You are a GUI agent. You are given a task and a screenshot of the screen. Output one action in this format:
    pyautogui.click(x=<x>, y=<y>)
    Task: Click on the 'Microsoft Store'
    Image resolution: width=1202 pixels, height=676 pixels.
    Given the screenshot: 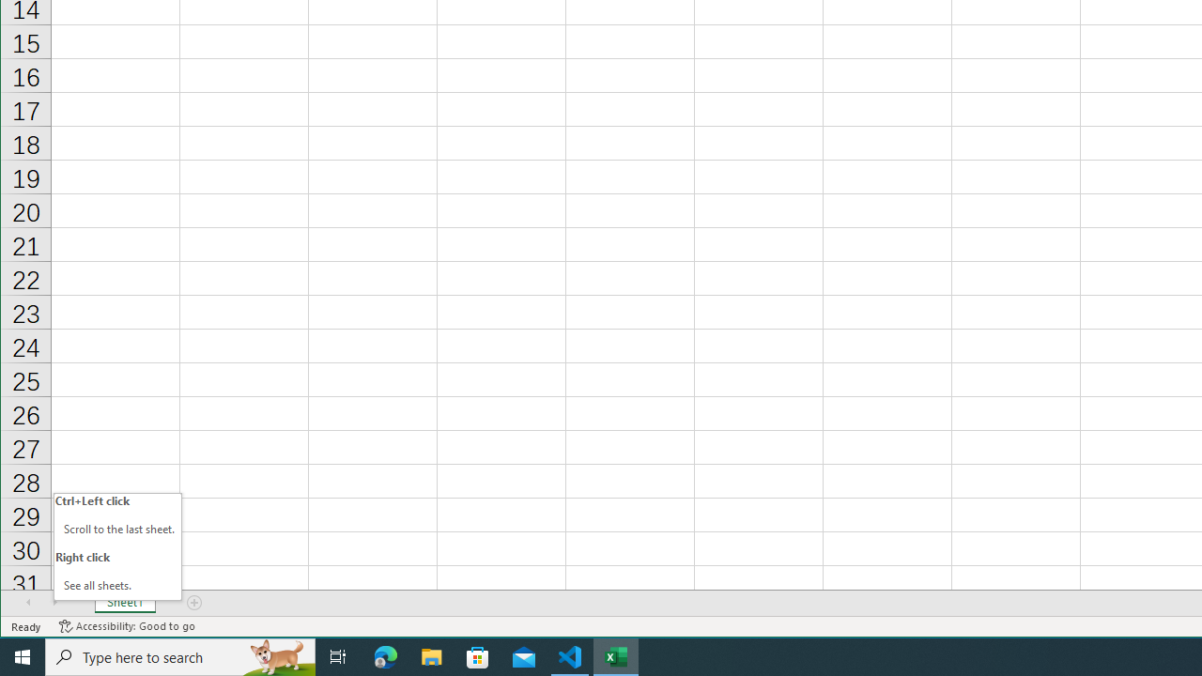 What is the action you would take?
    pyautogui.click(x=478, y=655)
    